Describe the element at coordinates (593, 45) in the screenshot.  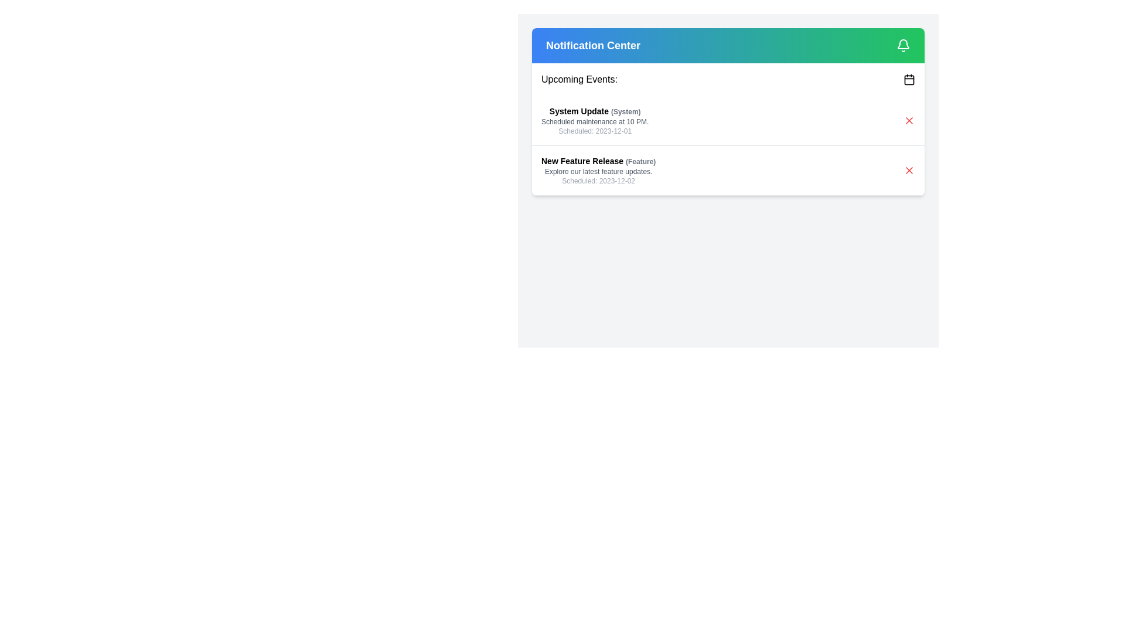
I see `text label displaying 'Notification Center' which is white and bold, centrally positioned in the gradient header section` at that location.